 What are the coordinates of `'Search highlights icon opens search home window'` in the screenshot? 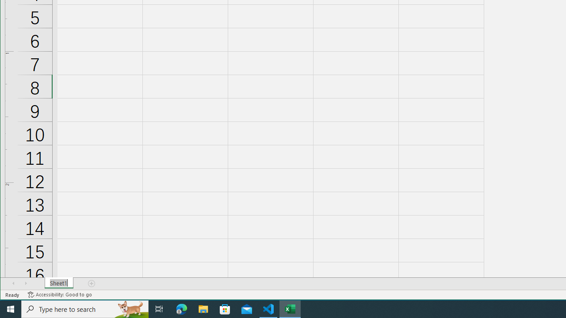 It's located at (130, 308).